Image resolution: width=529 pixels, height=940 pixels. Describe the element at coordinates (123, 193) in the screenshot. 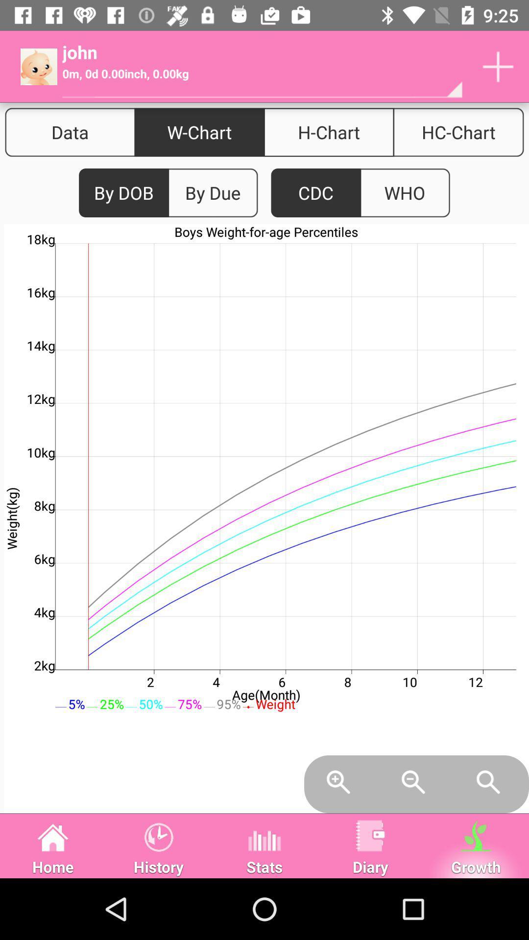

I see `the by dob icon` at that location.